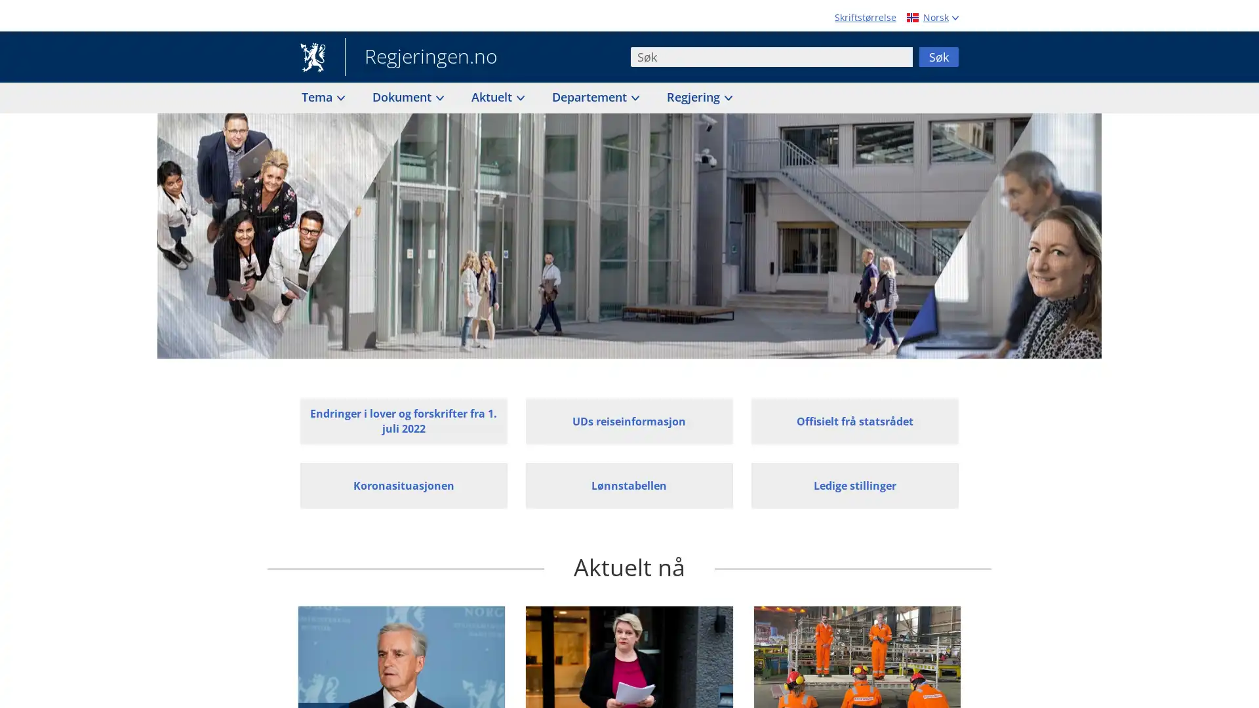 This screenshot has height=708, width=1259. I want to click on Skriftstrrelse, so click(866, 17).